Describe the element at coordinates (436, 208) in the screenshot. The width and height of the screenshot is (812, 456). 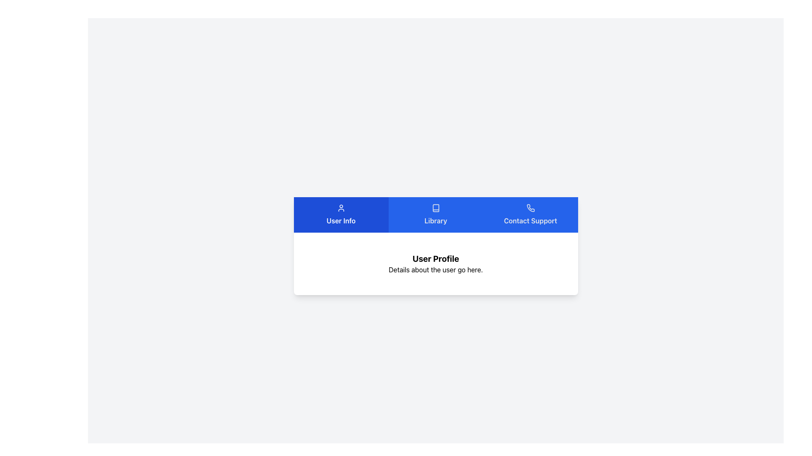
I see `the blue book icon located in the navigation bar, which is centrally placed above the 'Library' label and flanked by 'User Info' and 'Contact Support' icons` at that location.